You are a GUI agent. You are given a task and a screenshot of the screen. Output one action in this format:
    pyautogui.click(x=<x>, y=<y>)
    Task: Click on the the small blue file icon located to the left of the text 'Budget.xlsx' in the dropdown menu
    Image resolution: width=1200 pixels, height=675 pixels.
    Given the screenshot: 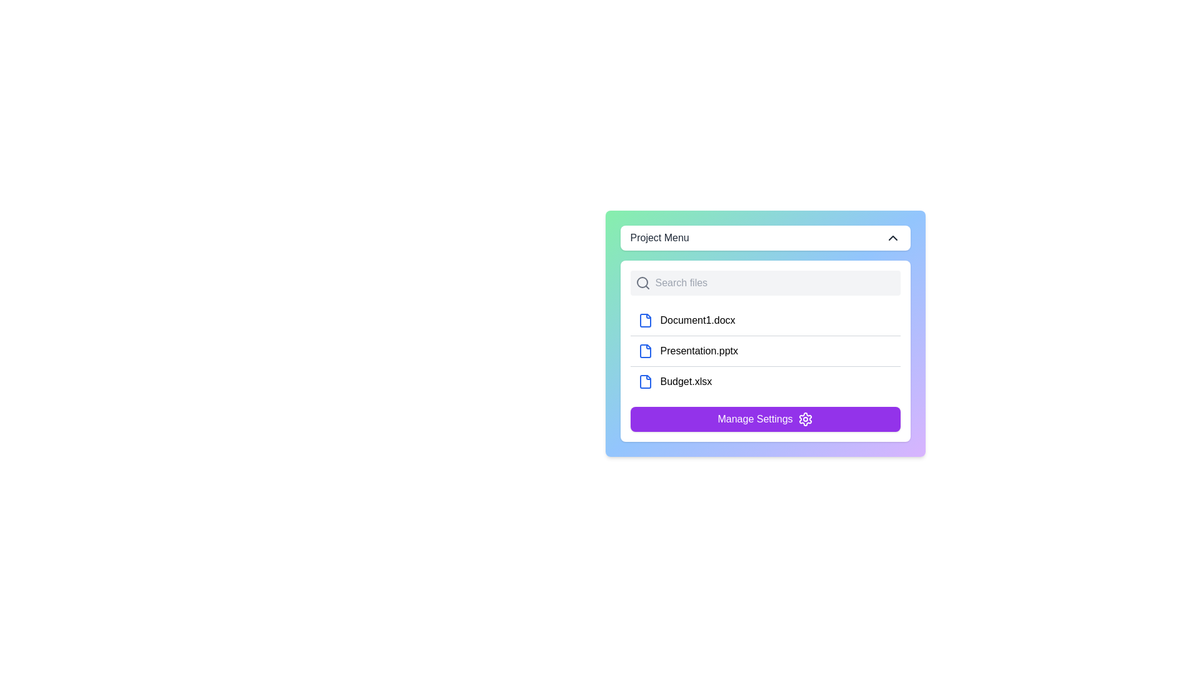 What is the action you would take?
    pyautogui.click(x=645, y=381)
    